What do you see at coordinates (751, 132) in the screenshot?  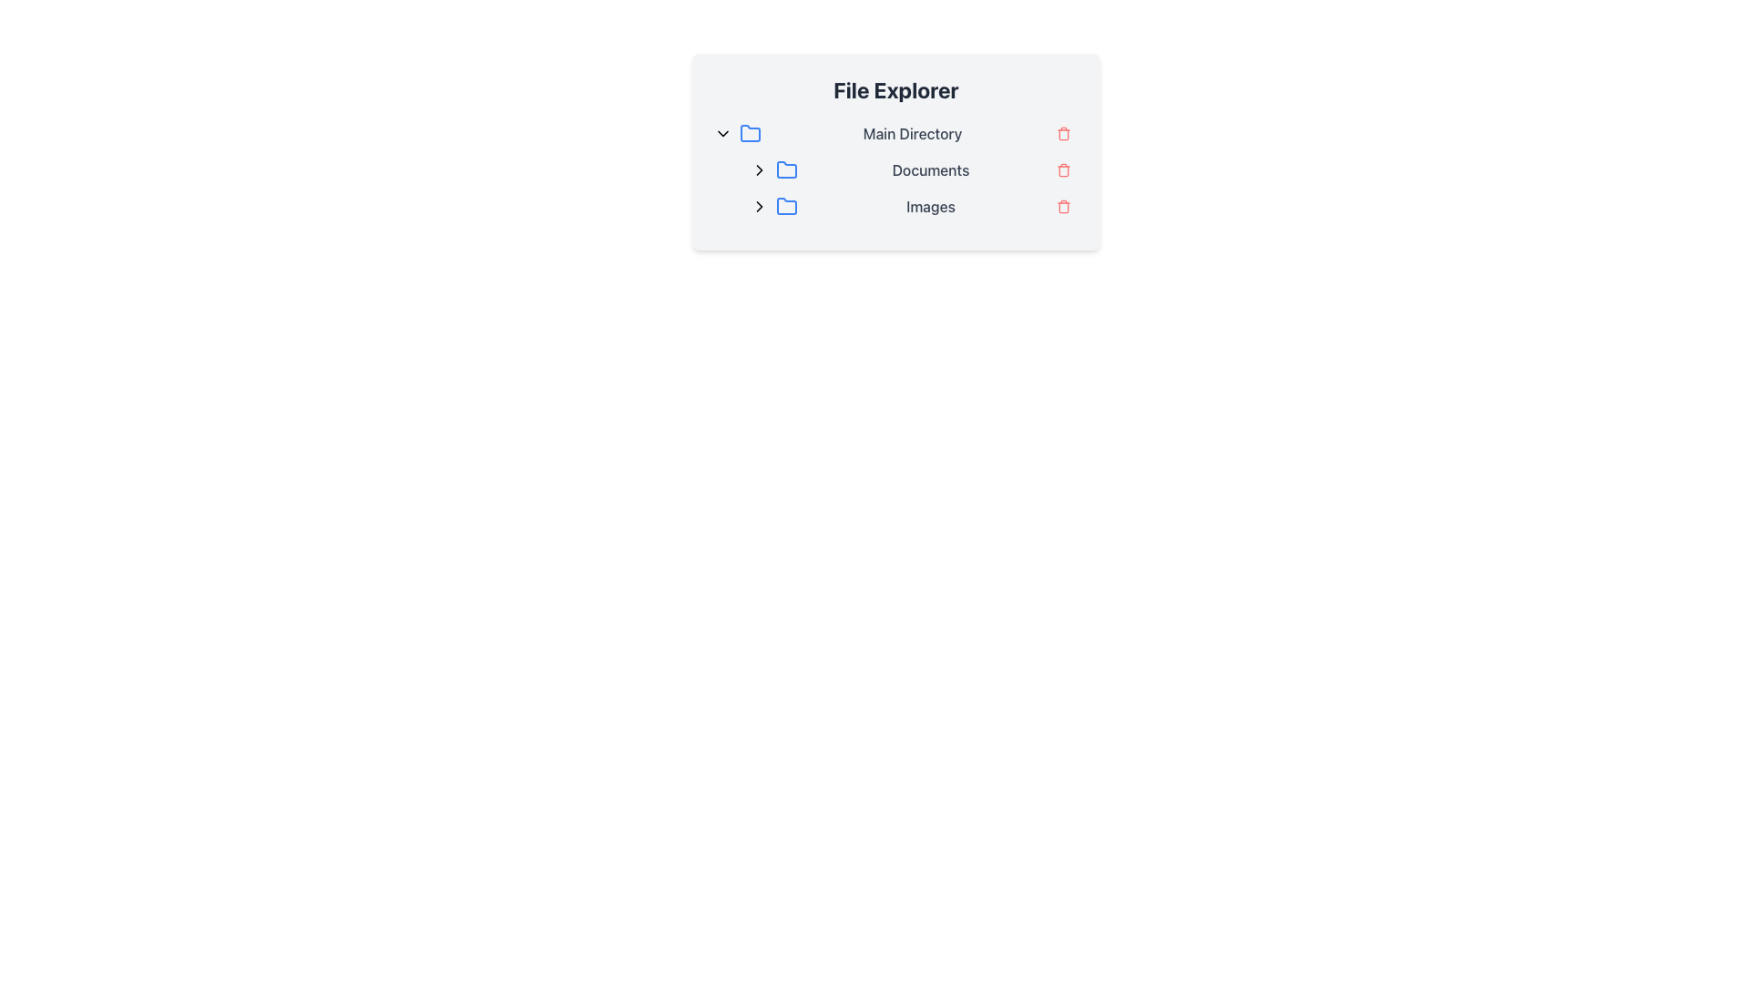 I see `the folder icon with a blue outline and rounded corners, which is visually associated with the label 'Main Directory' and positioned between the chevron-down icon and the text label` at bounding box center [751, 132].